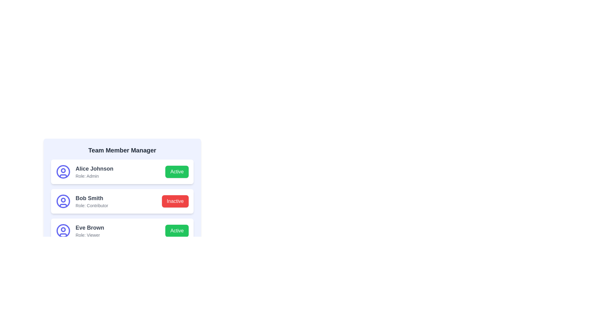 Image resolution: width=590 pixels, height=332 pixels. What do you see at coordinates (63, 201) in the screenshot?
I see `the circular user icon with a blue outline located to the left of the text 'Bob Smith' in the team members list` at bounding box center [63, 201].